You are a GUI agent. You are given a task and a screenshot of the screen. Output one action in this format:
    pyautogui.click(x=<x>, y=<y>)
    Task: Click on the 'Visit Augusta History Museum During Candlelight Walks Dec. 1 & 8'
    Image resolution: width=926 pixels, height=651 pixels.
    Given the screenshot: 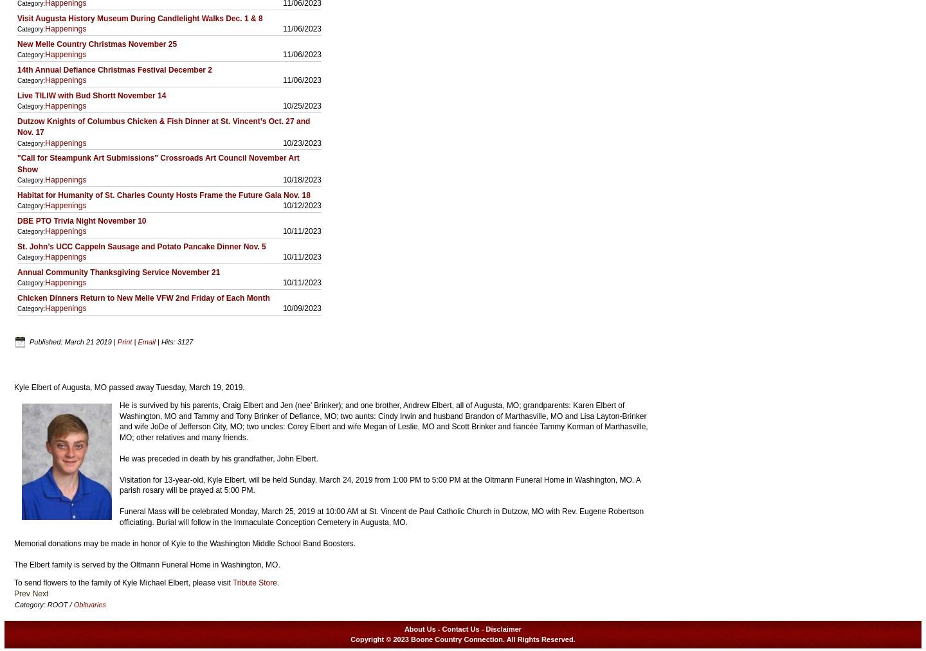 What is the action you would take?
    pyautogui.click(x=140, y=17)
    